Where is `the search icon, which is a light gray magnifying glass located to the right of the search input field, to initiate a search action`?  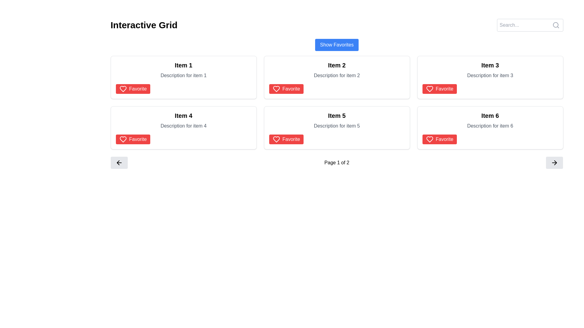
the search icon, which is a light gray magnifying glass located to the right of the search input field, to initiate a search action is located at coordinates (556, 25).